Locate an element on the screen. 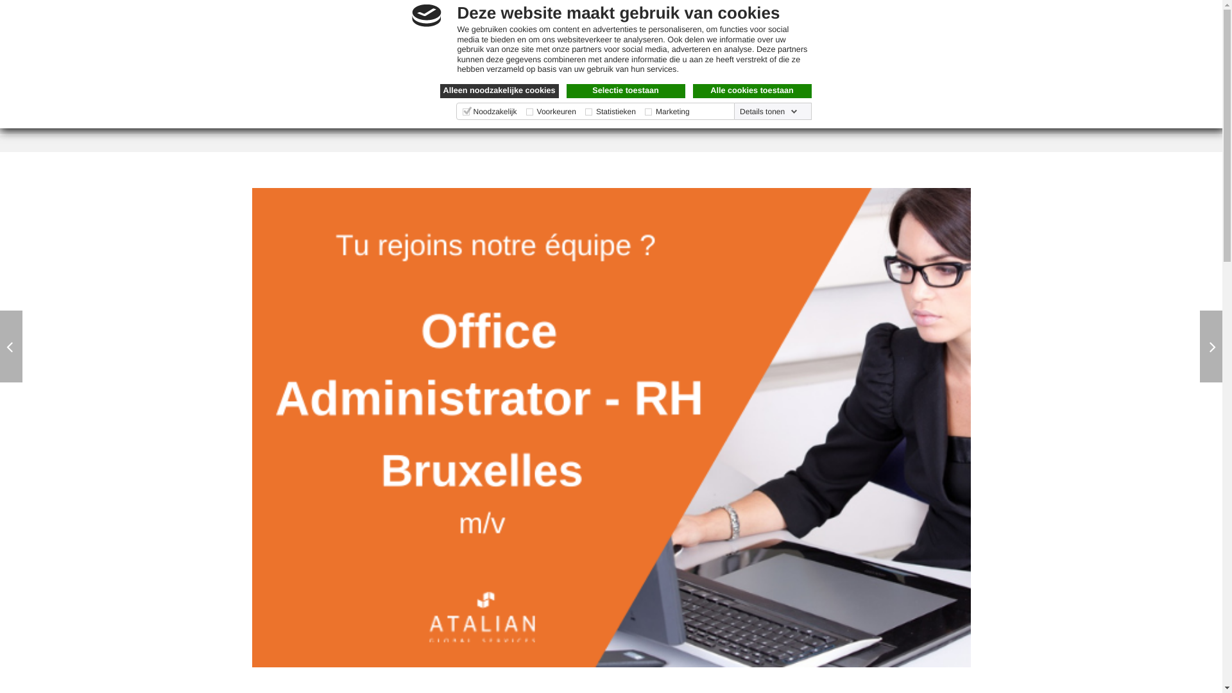 This screenshot has width=1232, height=693. 'Details tonen' is located at coordinates (769, 110).